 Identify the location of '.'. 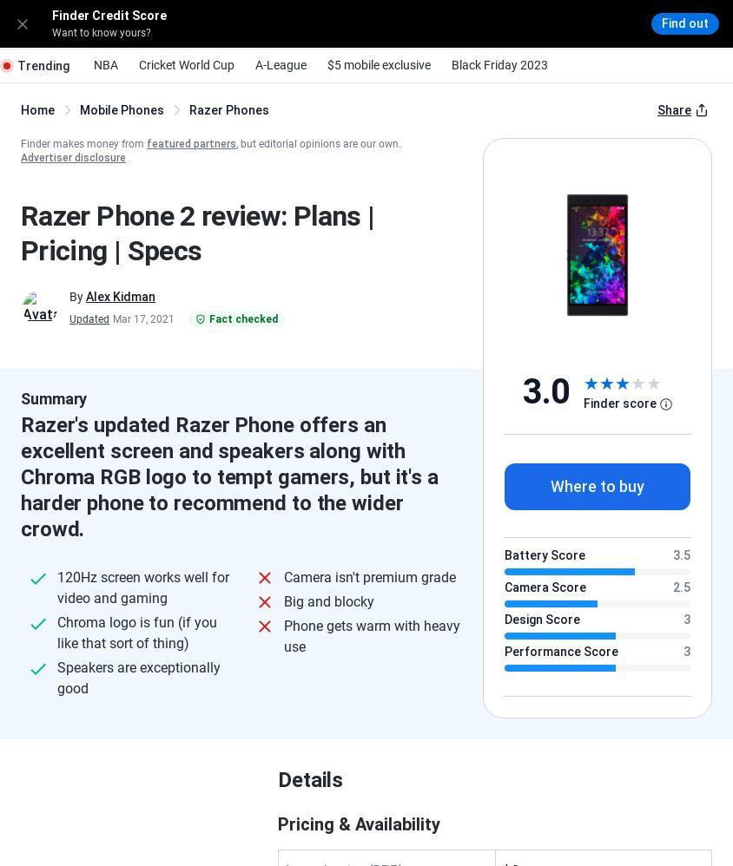
(694, 465).